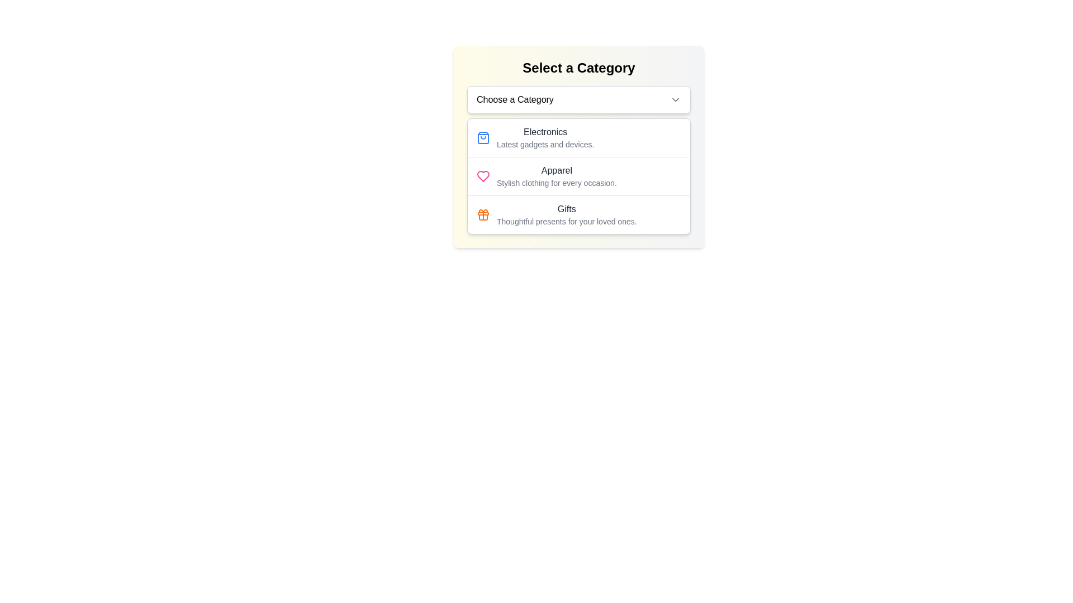 The image size is (1073, 603). What do you see at coordinates (483, 137) in the screenshot?
I see `the shopping bag icon, which is styled with a blue stroke and located to the left of the 'Electronics' text` at bounding box center [483, 137].